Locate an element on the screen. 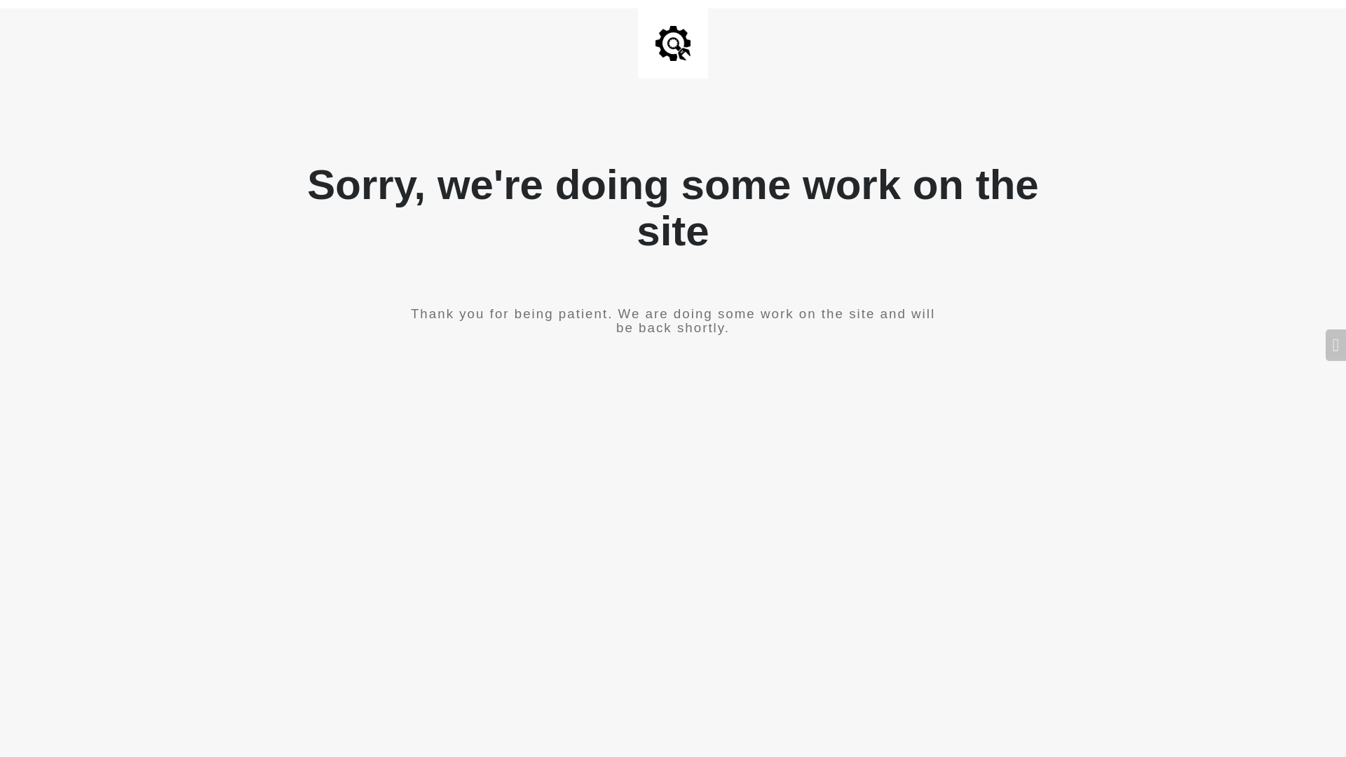 This screenshot has width=1346, height=757. 'Site is Under Construction' is located at coordinates (673, 42).